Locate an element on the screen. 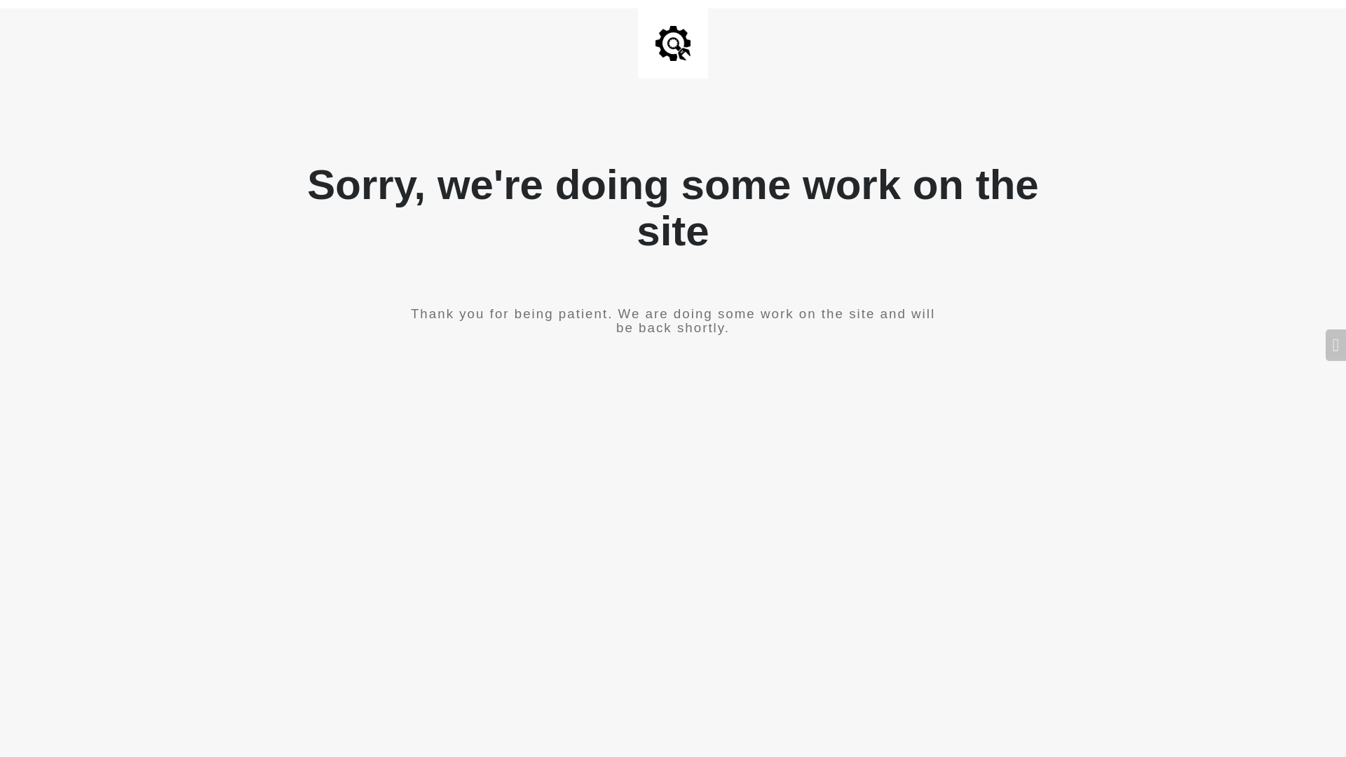 This screenshot has width=1346, height=757. 'Site is Under Construction' is located at coordinates (673, 42).